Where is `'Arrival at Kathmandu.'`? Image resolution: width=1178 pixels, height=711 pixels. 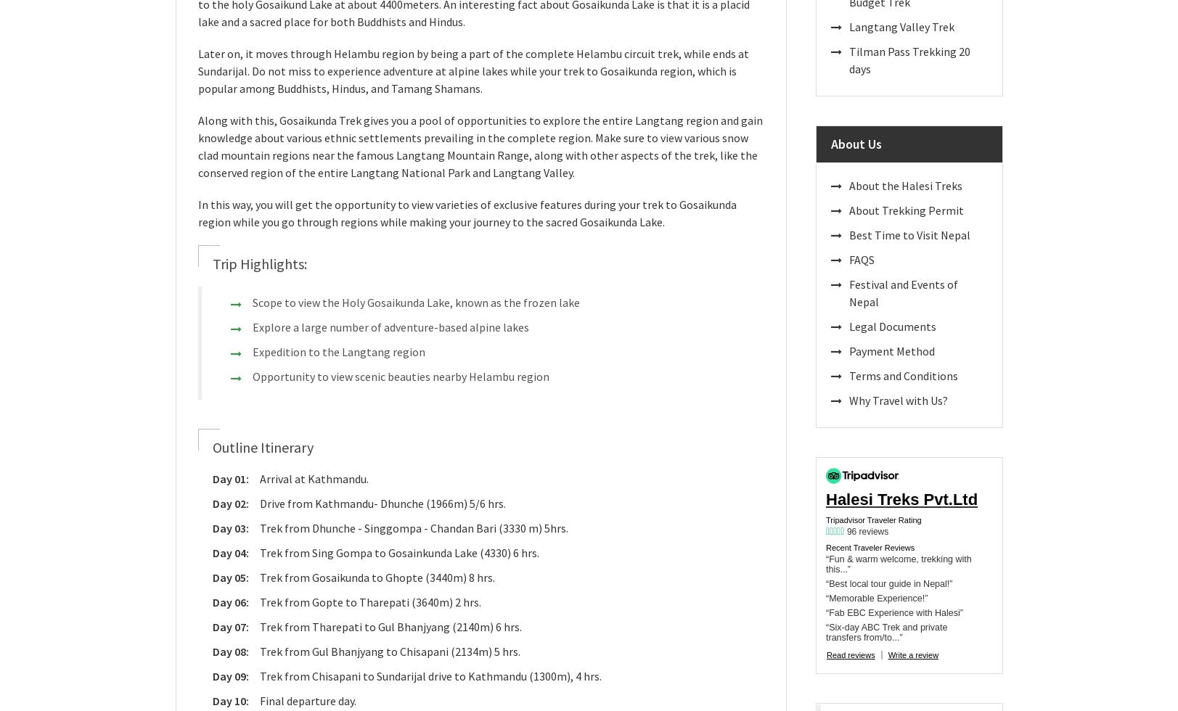 'Arrival at Kathmandu.' is located at coordinates (259, 479).